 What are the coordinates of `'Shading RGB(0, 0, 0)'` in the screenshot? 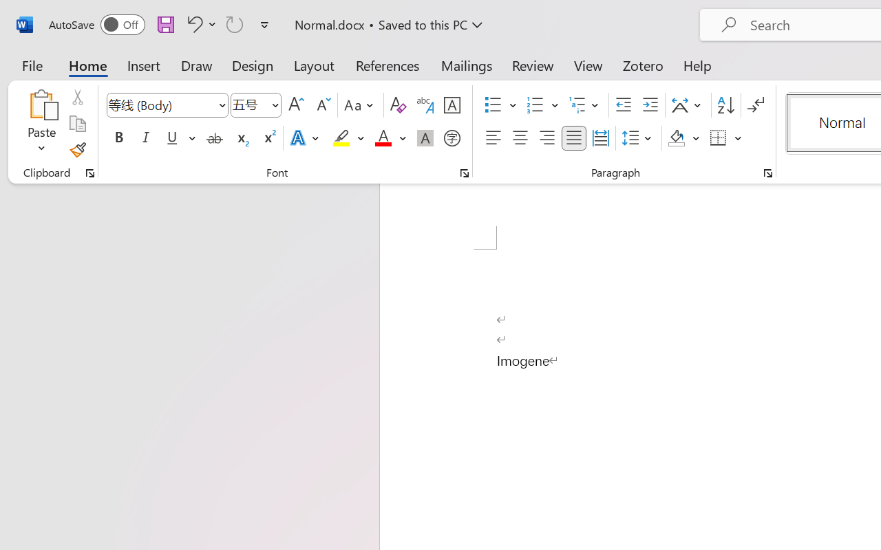 It's located at (677, 138).